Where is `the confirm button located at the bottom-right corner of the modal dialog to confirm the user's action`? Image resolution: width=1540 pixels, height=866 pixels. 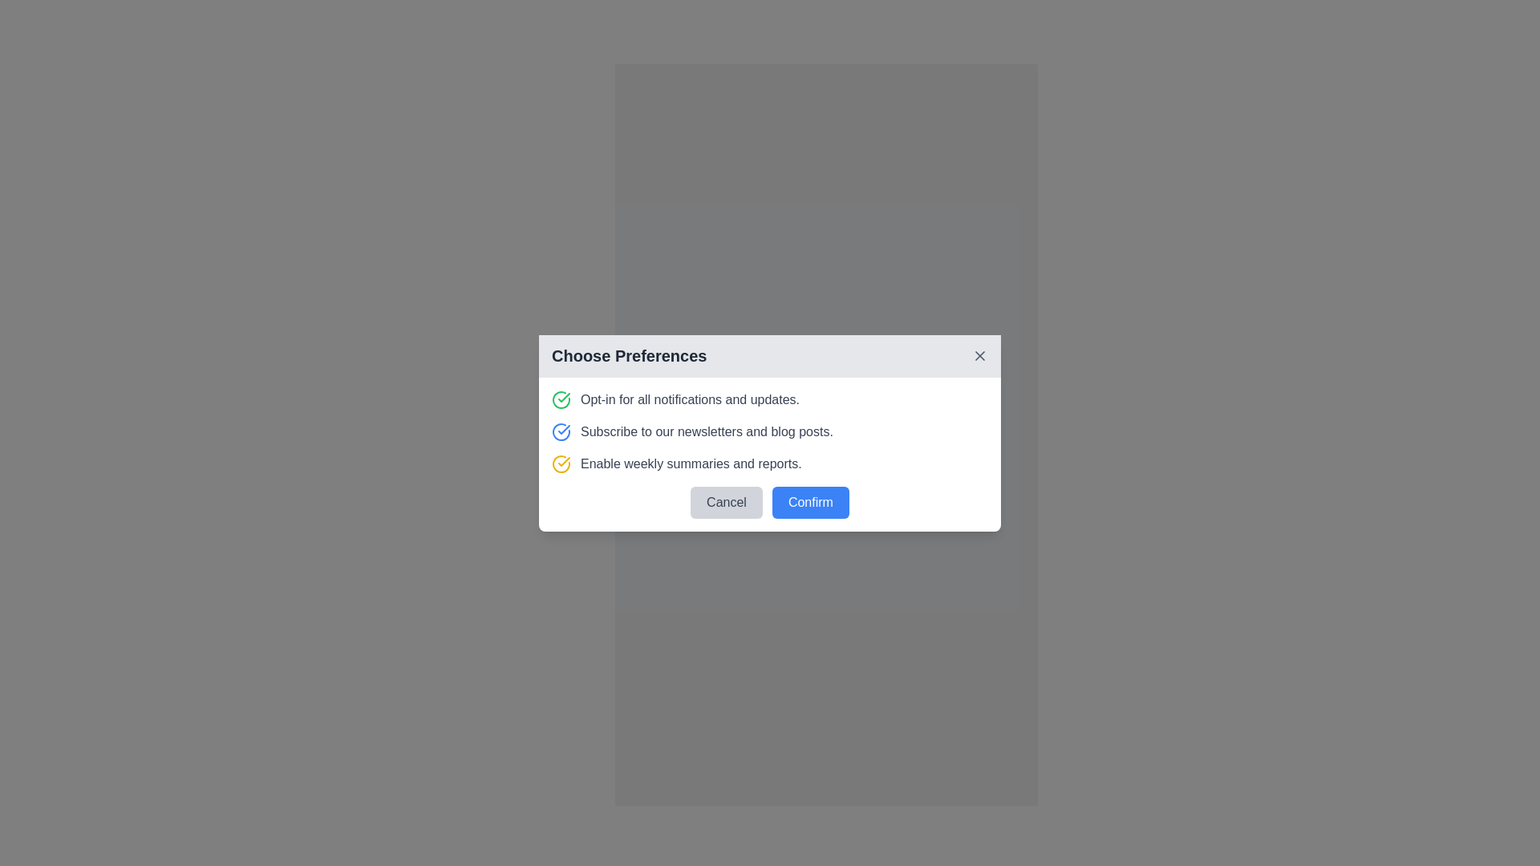 the confirm button located at the bottom-right corner of the modal dialog to confirm the user's action is located at coordinates (826, 496).